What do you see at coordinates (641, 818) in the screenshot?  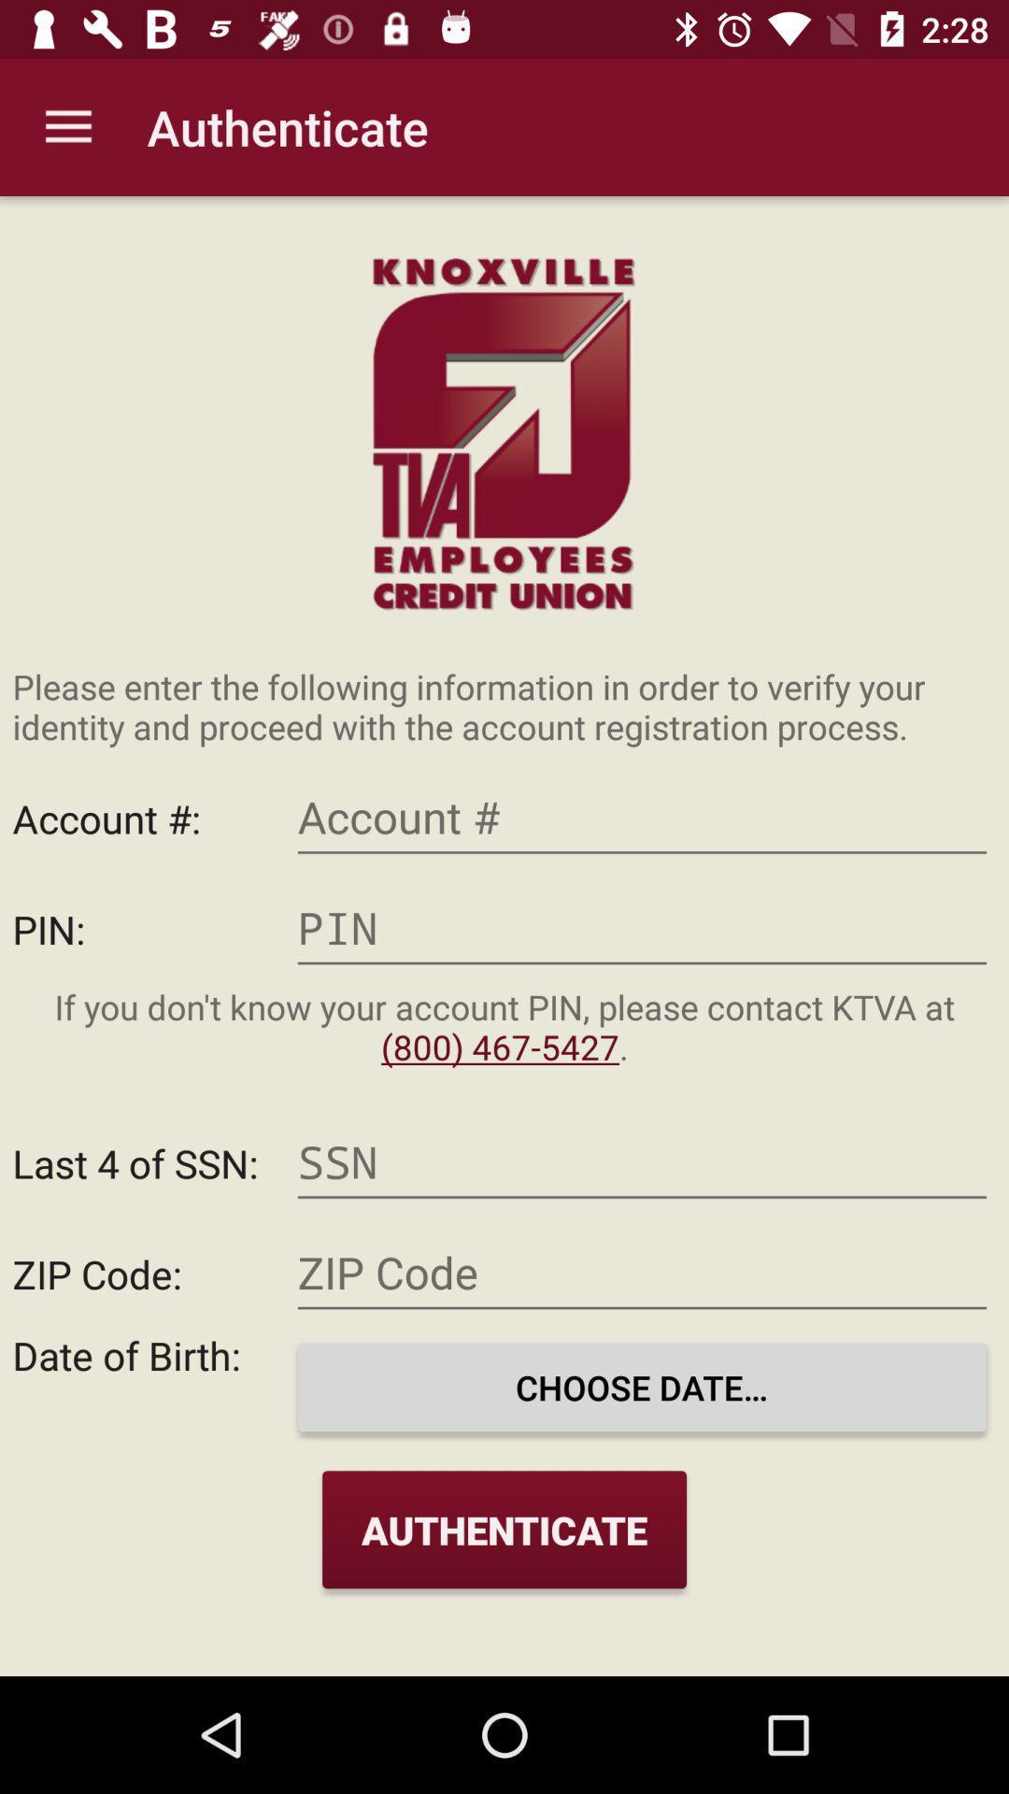 I see `the button is used to create account` at bounding box center [641, 818].